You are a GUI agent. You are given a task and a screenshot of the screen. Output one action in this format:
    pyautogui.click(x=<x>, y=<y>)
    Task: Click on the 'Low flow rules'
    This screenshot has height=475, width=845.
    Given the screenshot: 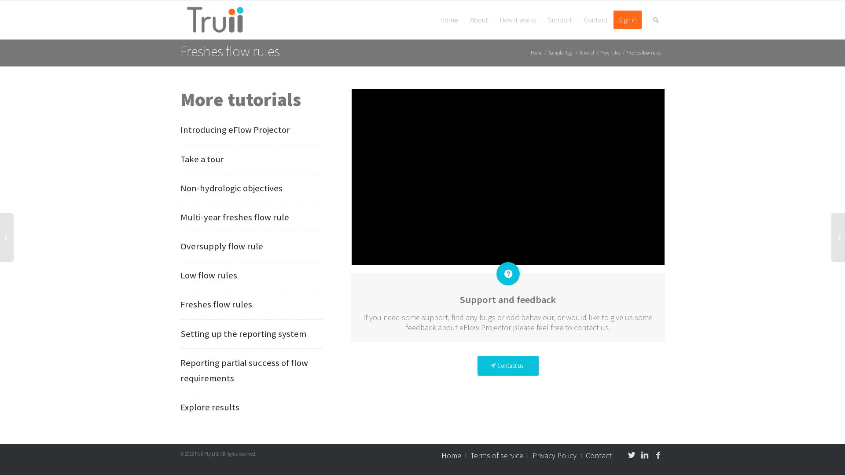 What is the action you would take?
    pyautogui.click(x=208, y=274)
    